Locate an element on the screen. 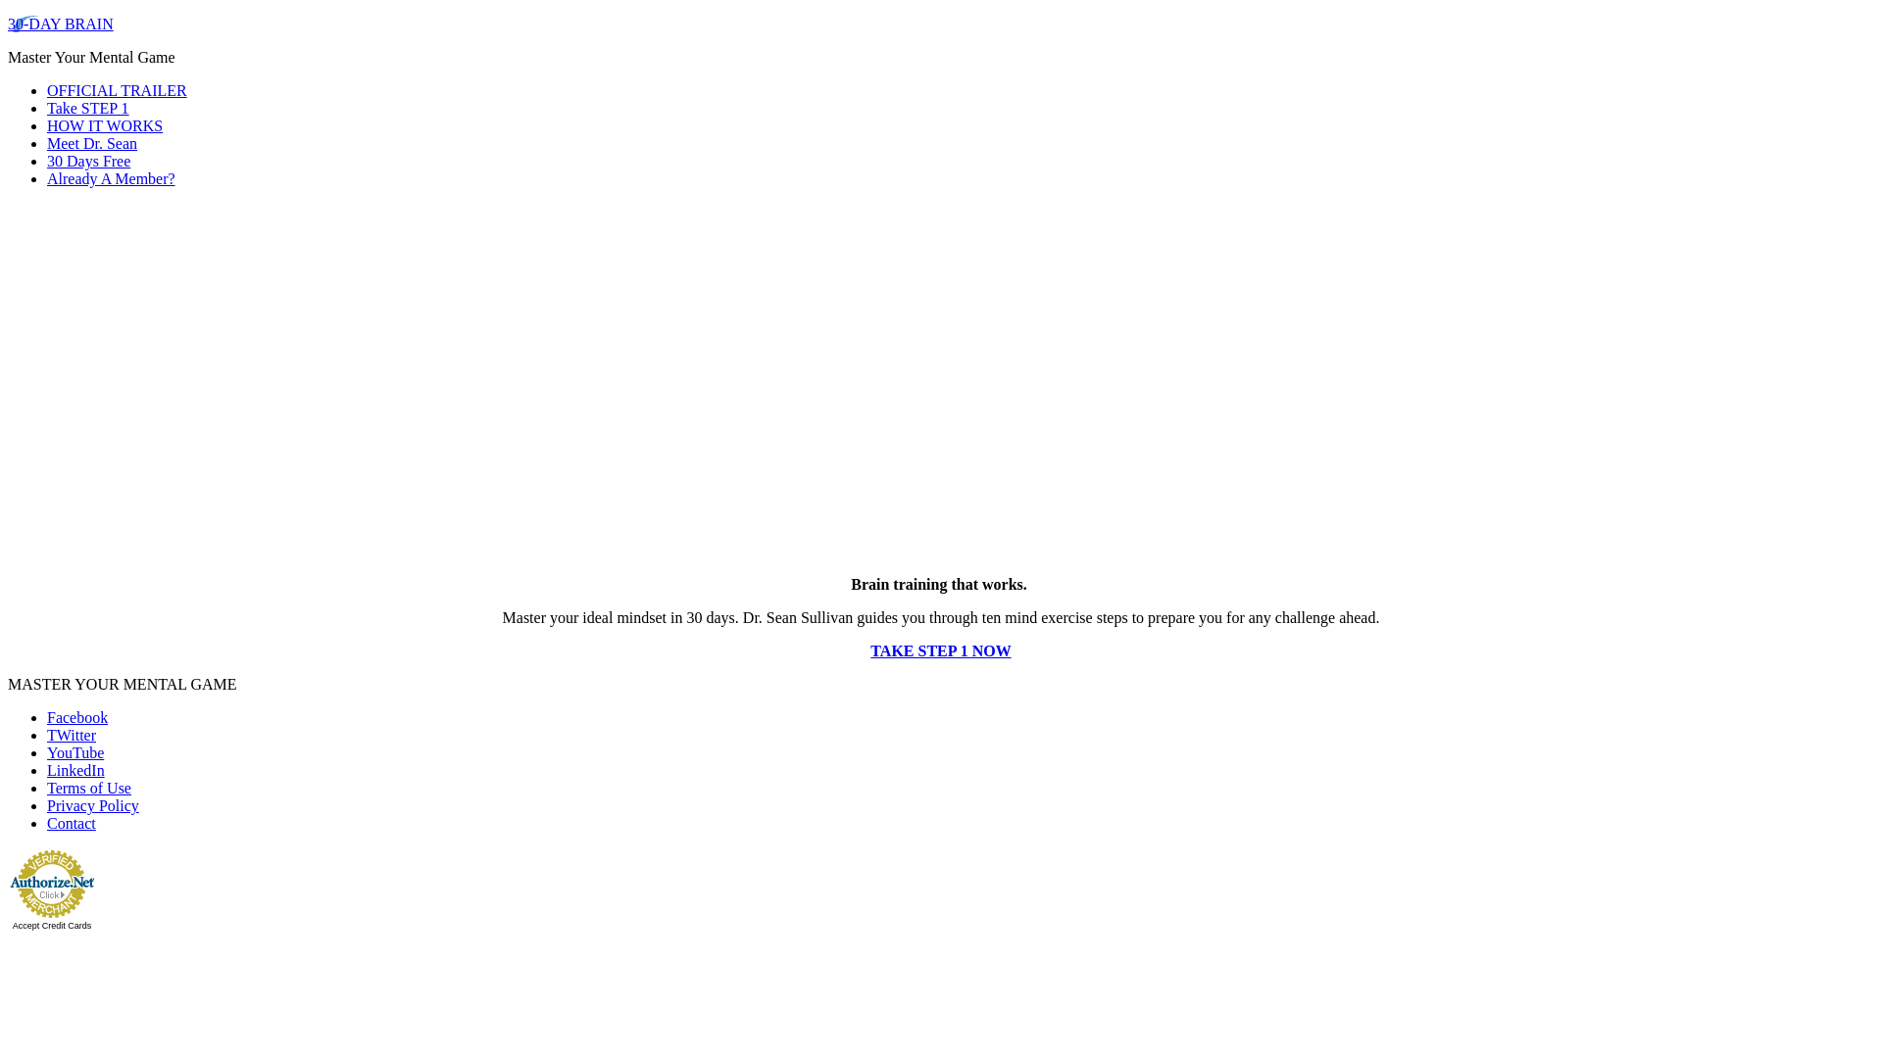 This screenshot has width=1882, height=1058. 'Meet Dr. Sean' is located at coordinates (91, 142).